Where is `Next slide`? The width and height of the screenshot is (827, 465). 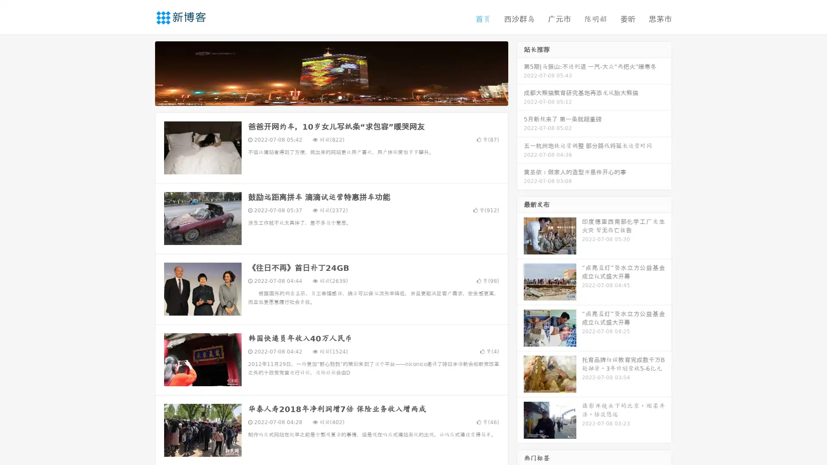
Next slide is located at coordinates (520, 72).